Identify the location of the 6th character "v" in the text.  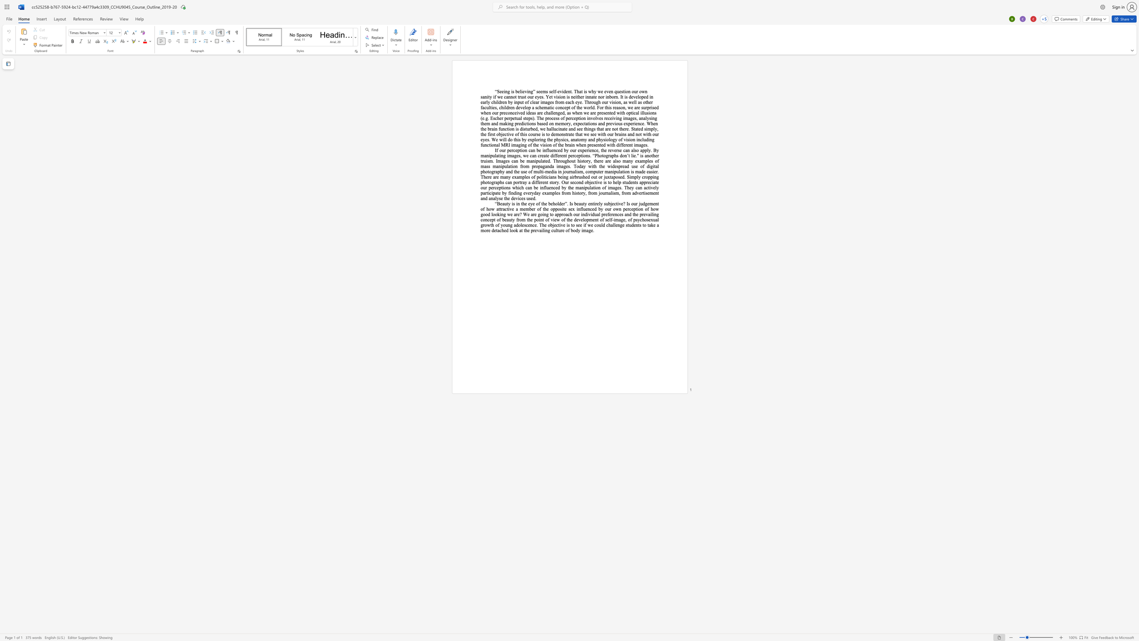
(624, 139).